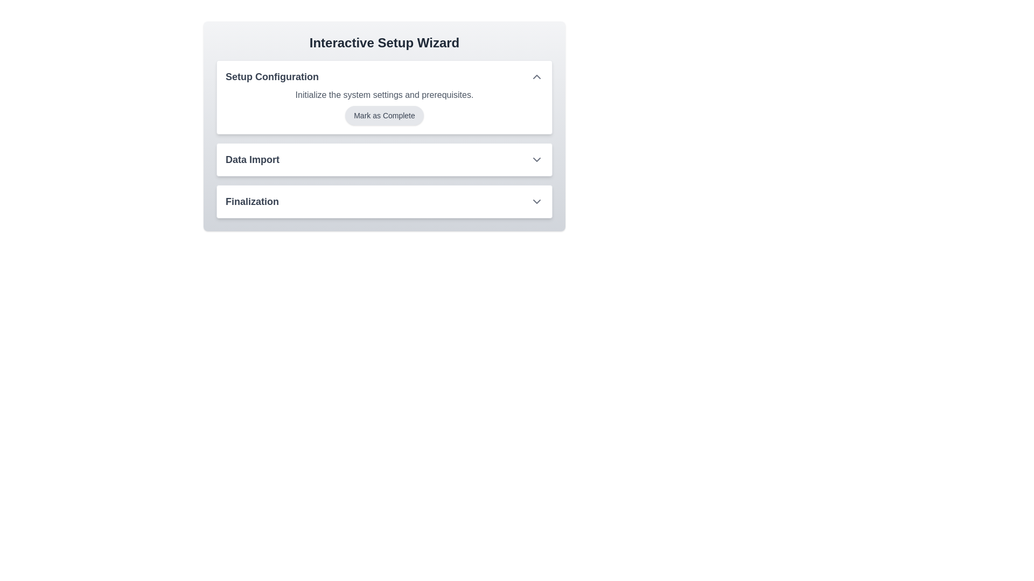  I want to click on the static text providing instructions in the 'Setup Configuration' section of the 'Interactive Setup Wizard', located above the 'Mark as Complete' button, so click(385, 95).